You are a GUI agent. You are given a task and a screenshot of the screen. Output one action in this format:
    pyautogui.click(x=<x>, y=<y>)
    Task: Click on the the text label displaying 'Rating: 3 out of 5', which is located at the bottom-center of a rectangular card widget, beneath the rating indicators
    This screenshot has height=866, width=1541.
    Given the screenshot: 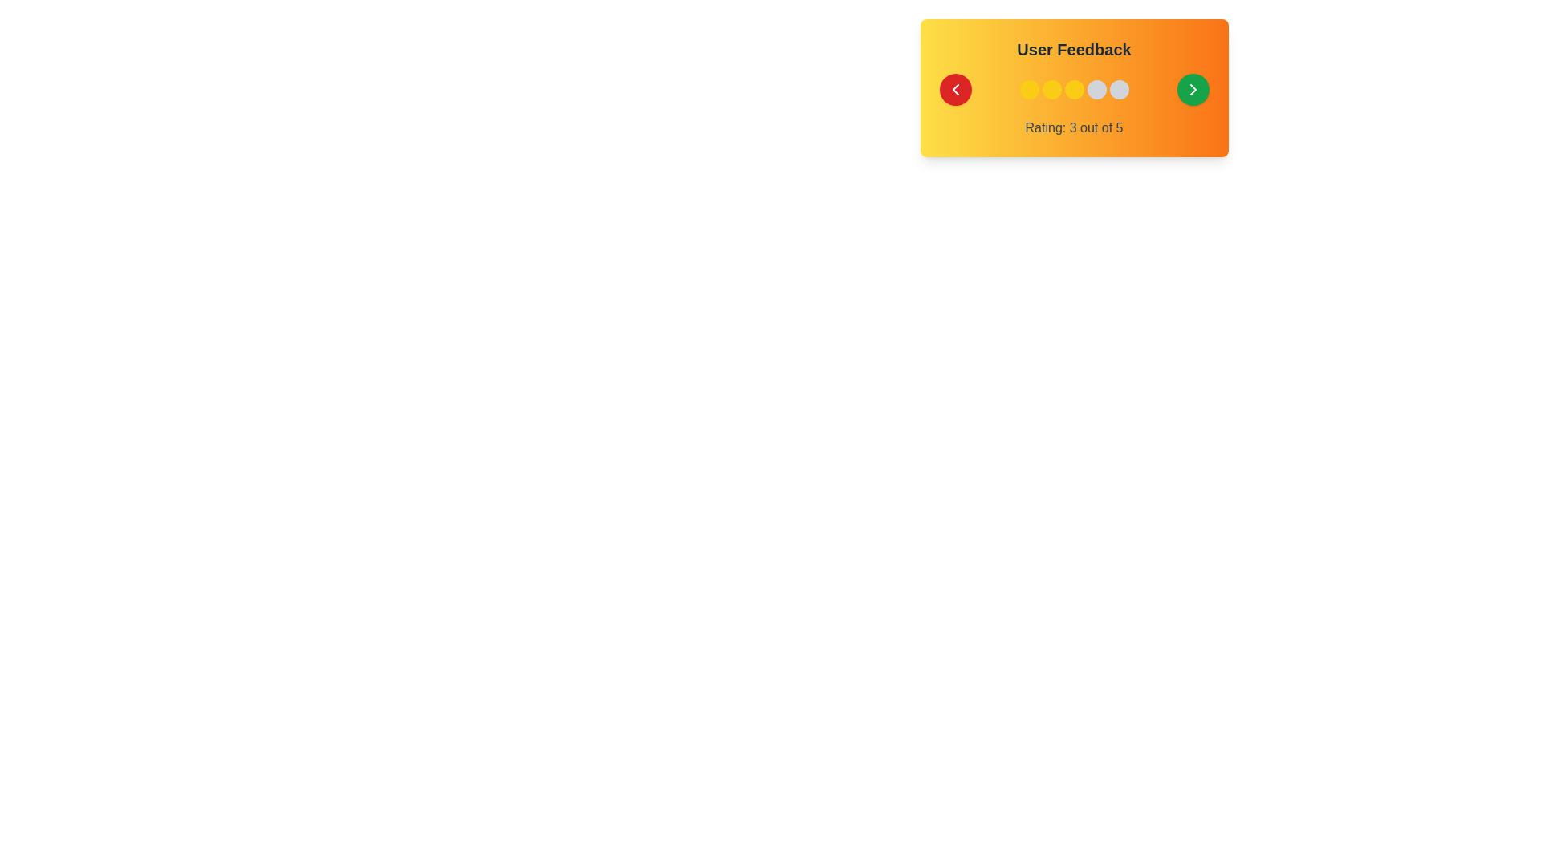 What is the action you would take?
    pyautogui.click(x=1074, y=127)
    